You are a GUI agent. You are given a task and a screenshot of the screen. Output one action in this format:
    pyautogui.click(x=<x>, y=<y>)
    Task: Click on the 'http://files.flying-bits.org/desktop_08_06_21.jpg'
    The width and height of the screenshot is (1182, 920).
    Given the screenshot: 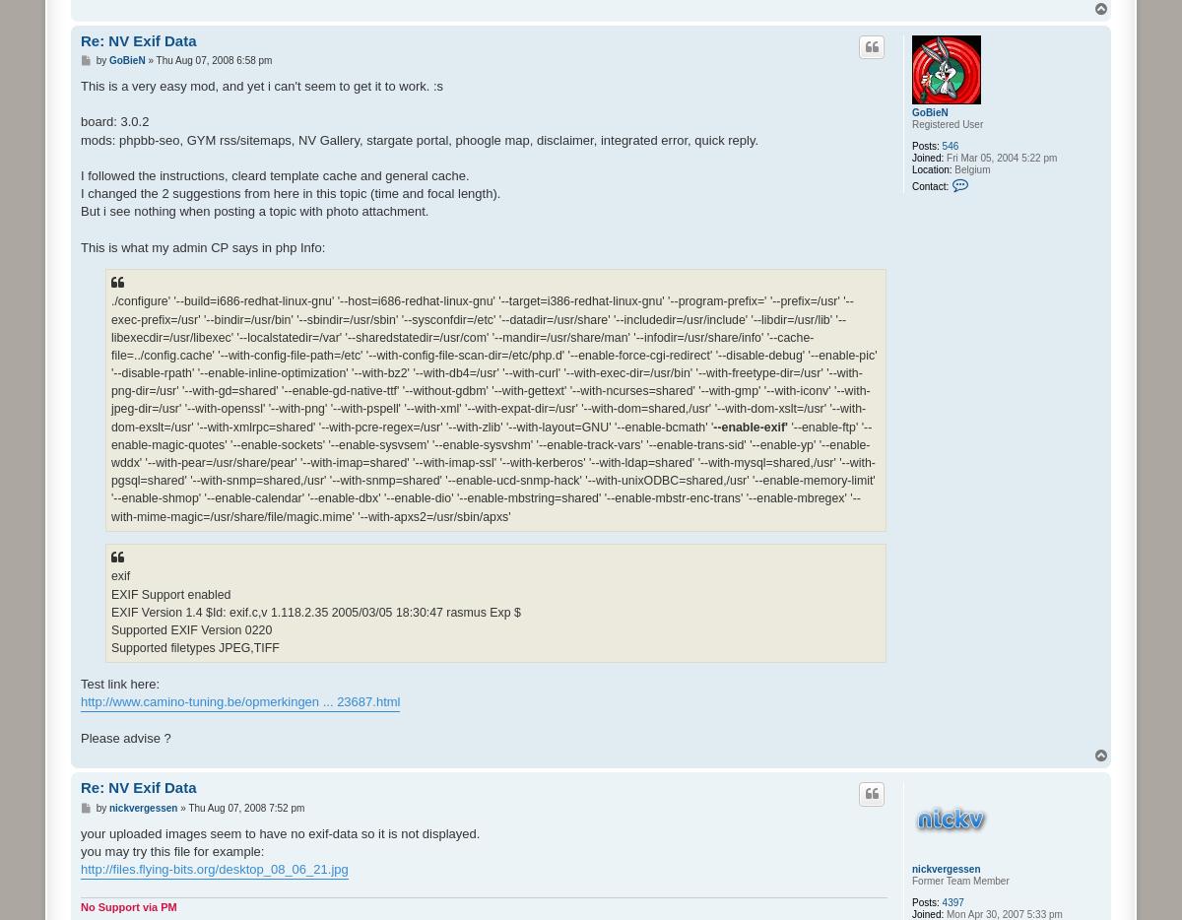 What is the action you would take?
    pyautogui.click(x=213, y=867)
    